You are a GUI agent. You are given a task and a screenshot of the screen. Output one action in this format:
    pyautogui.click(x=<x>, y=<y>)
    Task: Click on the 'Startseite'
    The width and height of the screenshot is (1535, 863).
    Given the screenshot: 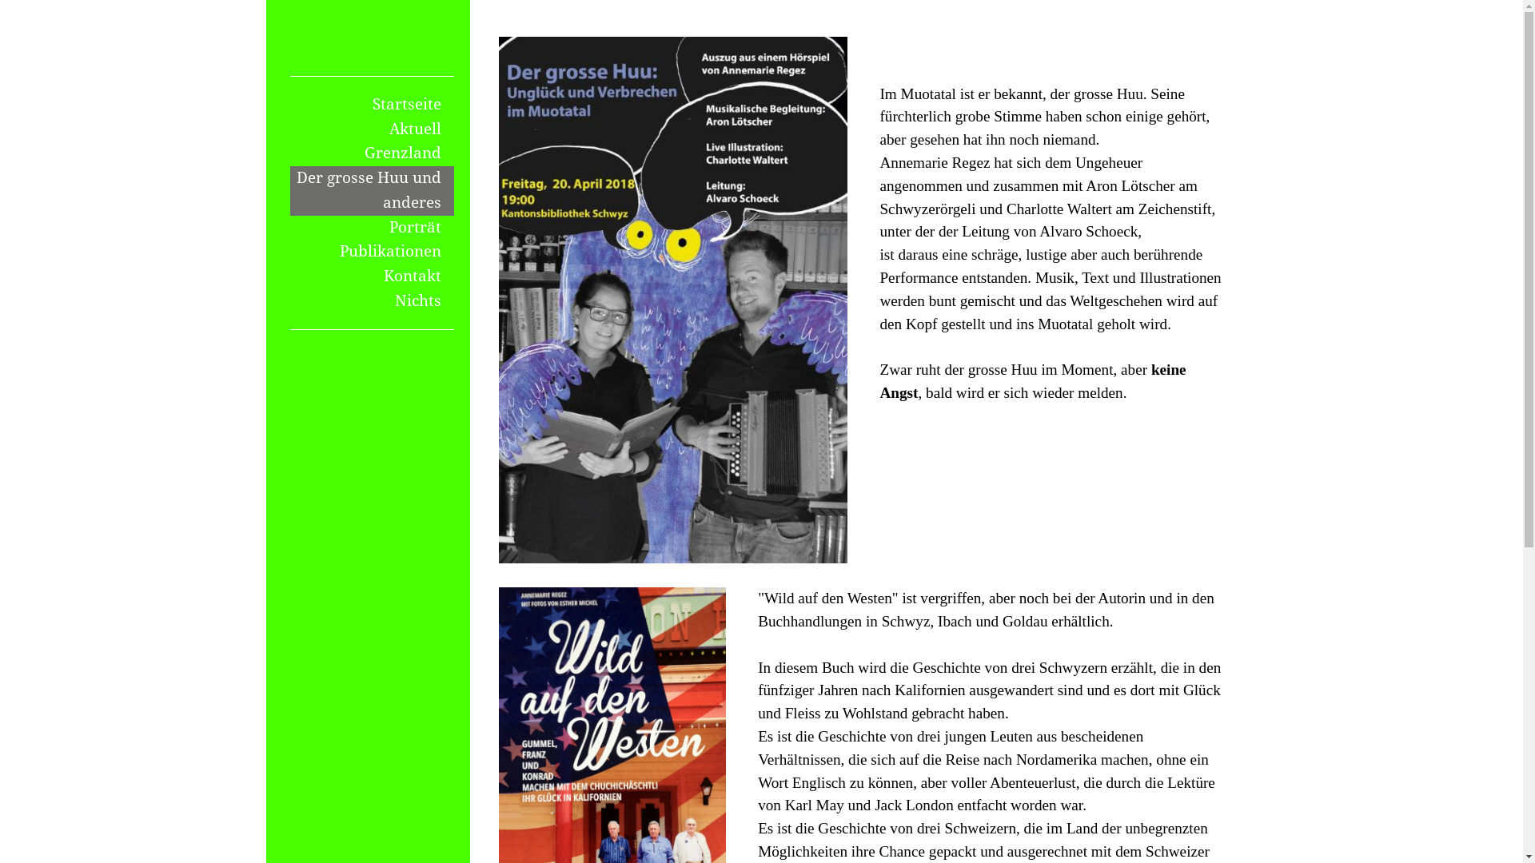 What is the action you would take?
    pyautogui.click(x=371, y=105)
    